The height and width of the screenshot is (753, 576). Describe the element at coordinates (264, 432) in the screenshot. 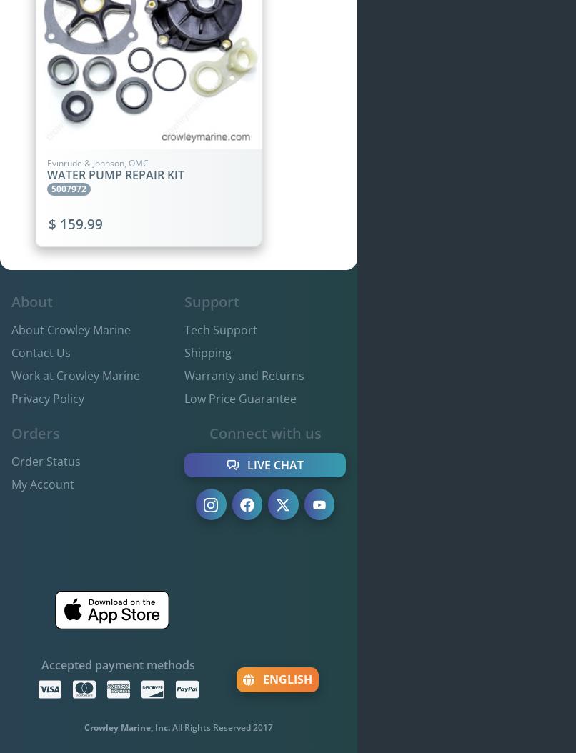

I see `'Connect with us'` at that location.